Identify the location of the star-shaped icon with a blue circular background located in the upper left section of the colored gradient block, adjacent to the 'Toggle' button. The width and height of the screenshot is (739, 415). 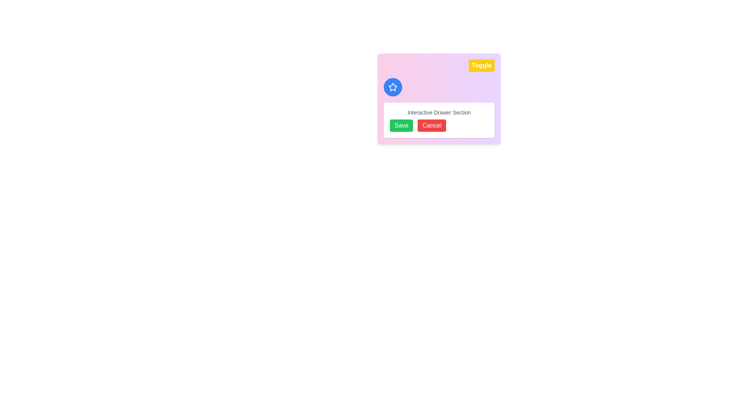
(393, 86).